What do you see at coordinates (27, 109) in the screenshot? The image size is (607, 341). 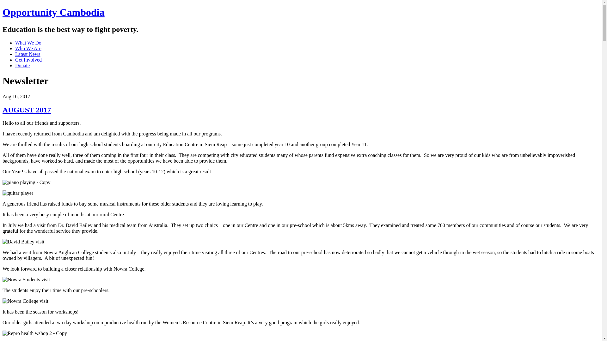 I see `'AUGUST 2017'` at bounding box center [27, 109].